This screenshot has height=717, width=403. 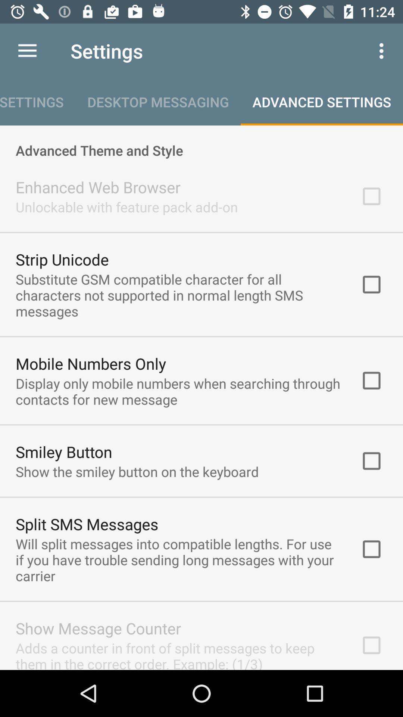 I want to click on show the smiley, so click(x=137, y=471).